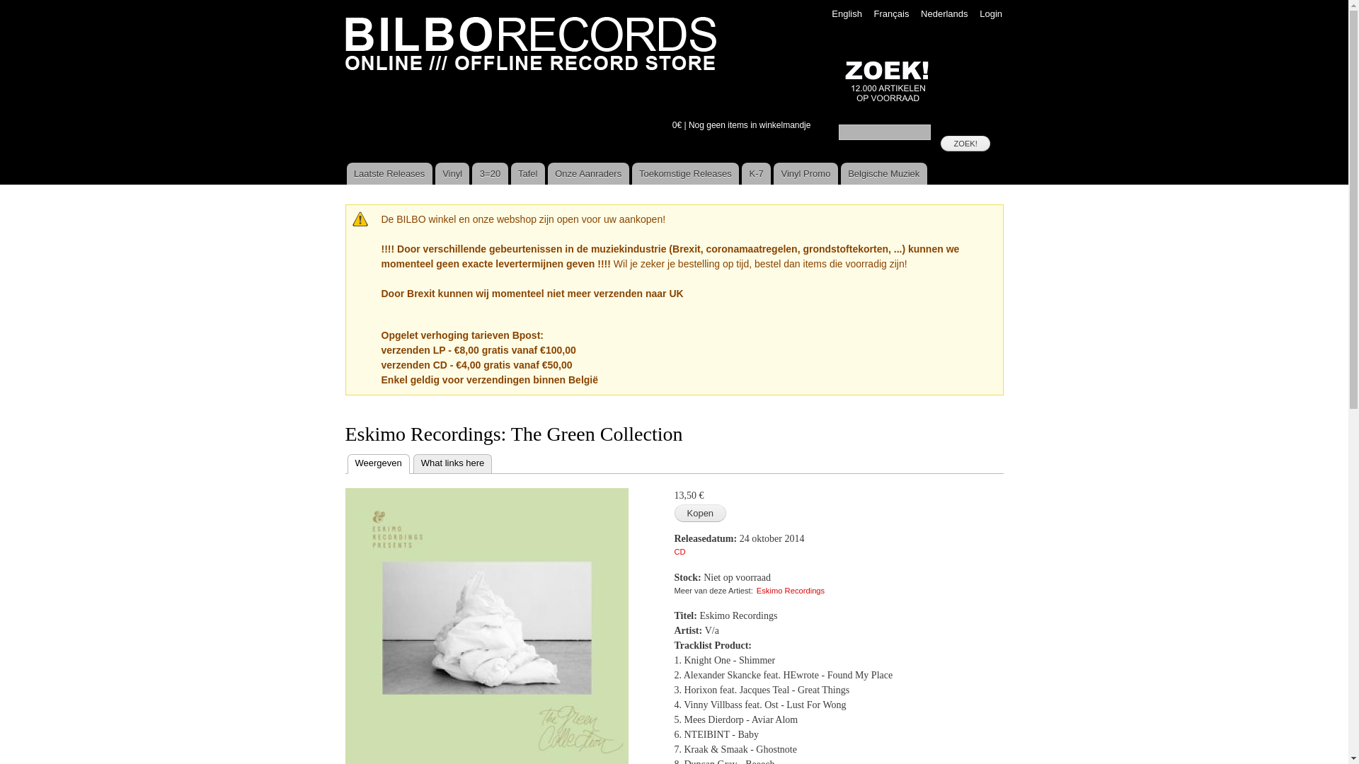 This screenshot has height=764, width=1359. Describe the element at coordinates (756, 590) in the screenshot. I see `'Eskimo Recordings'` at that location.